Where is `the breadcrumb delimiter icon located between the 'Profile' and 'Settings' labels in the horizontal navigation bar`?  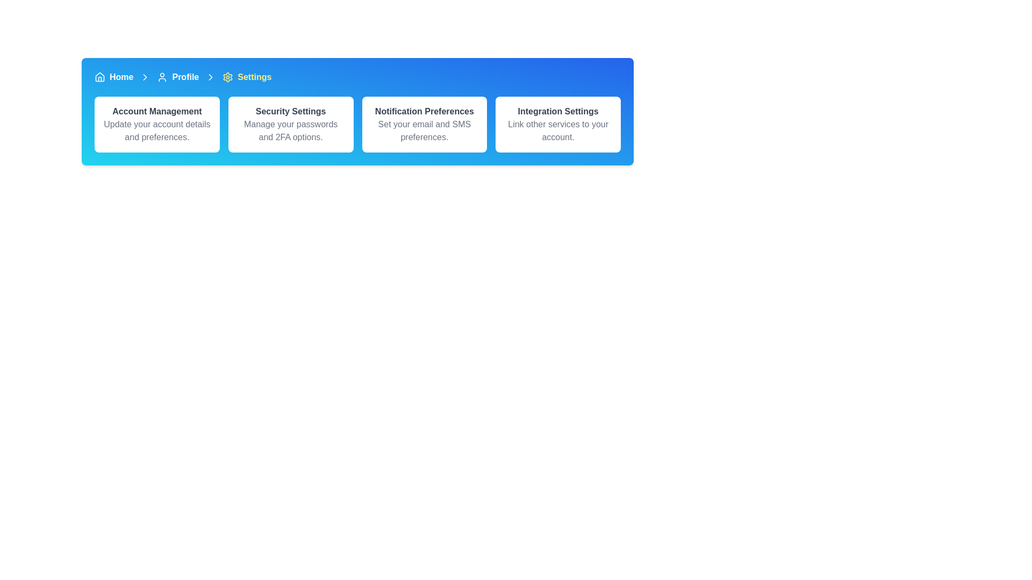
the breadcrumb delimiter icon located between the 'Profile' and 'Settings' labels in the horizontal navigation bar is located at coordinates (211, 76).